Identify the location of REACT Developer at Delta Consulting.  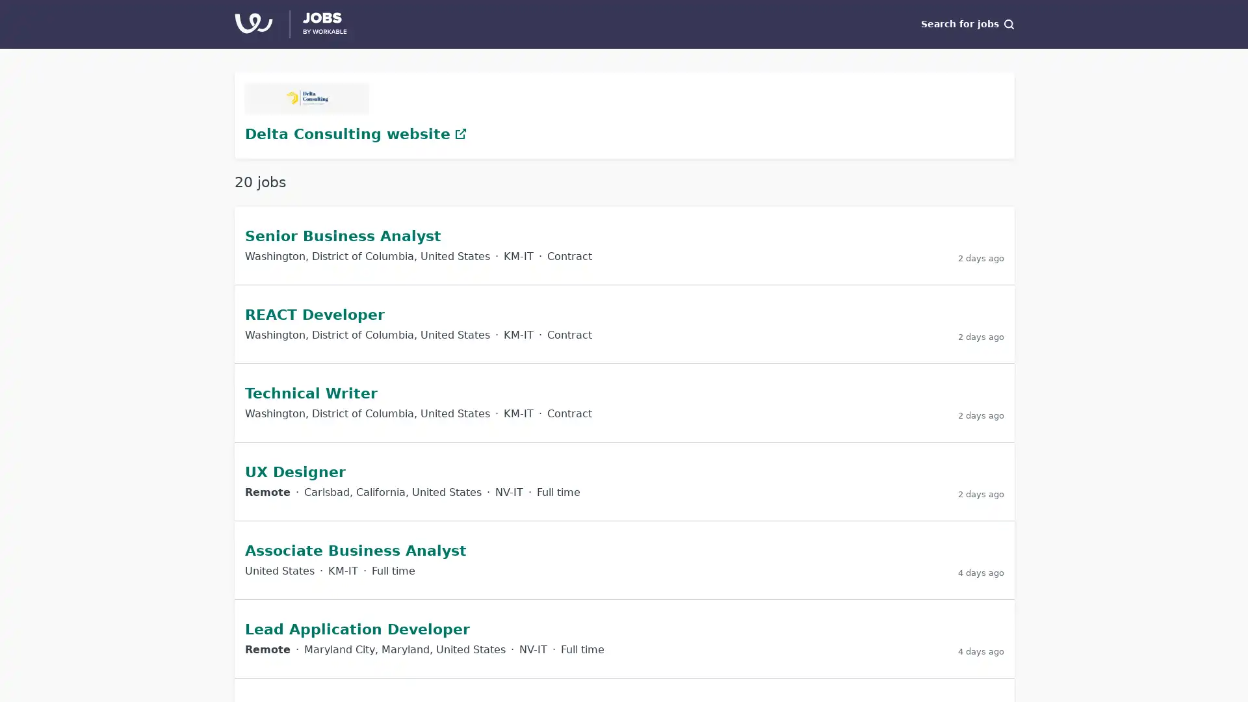
(624, 322).